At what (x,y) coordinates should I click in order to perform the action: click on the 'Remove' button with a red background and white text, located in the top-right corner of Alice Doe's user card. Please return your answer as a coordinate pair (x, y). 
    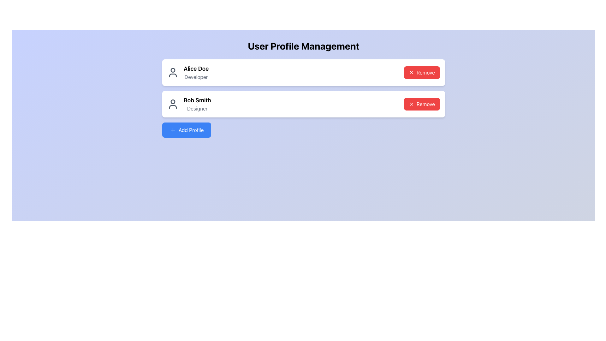
    Looking at the image, I should click on (422, 72).